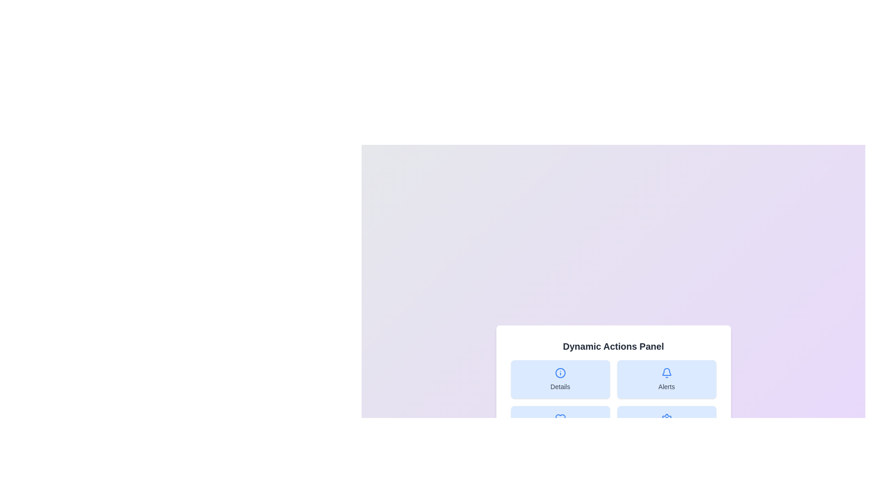 The image size is (880, 495). What do you see at coordinates (560, 379) in the screenshot?
I see `the blue rectangular button with rounded corners labeled 'Details', which contains an information icon` at bounding box center [560, 379].